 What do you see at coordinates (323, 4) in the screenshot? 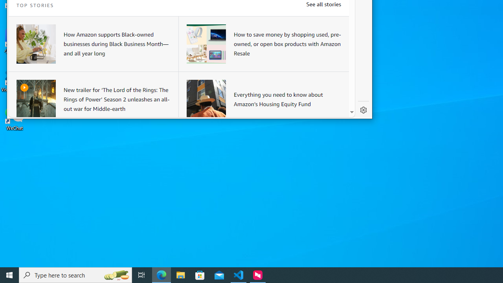
I see `'See all stories'` at bounding box center [323, 4].